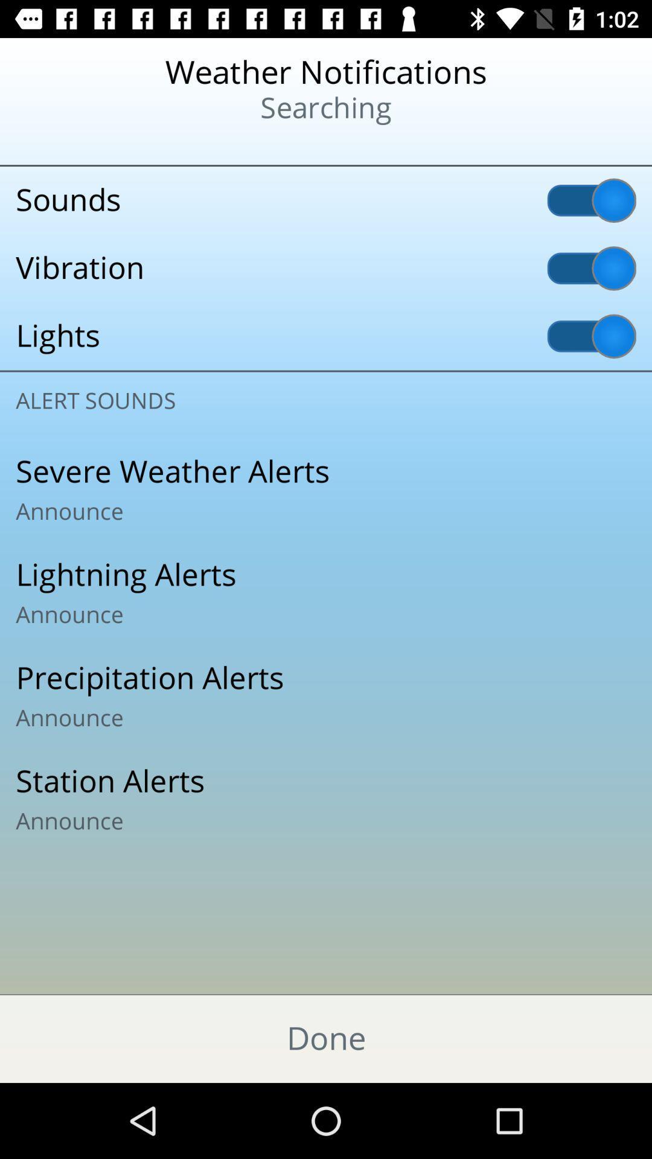 The height and width of the screenshot is (1159, 652). I want to click on the icon below sounds, so click(326, 267).